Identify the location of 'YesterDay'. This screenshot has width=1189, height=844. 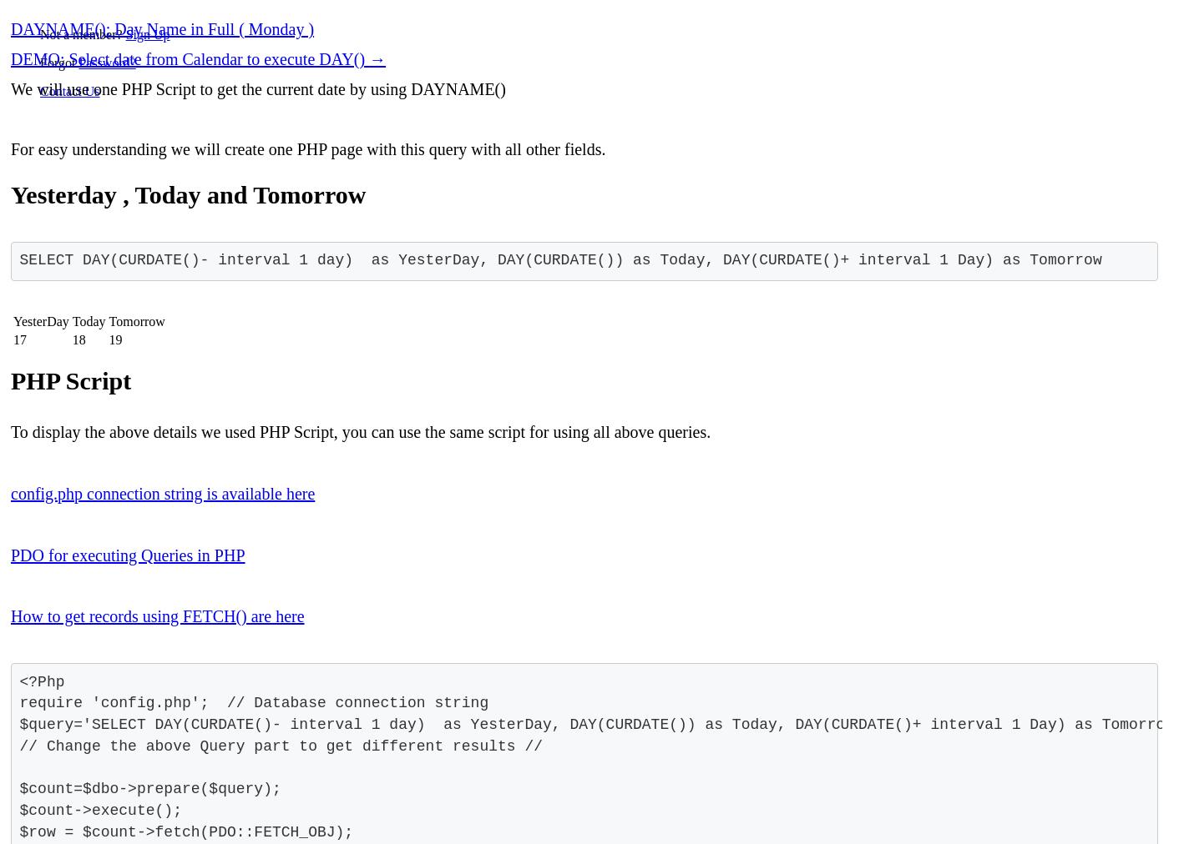
(13, 321).